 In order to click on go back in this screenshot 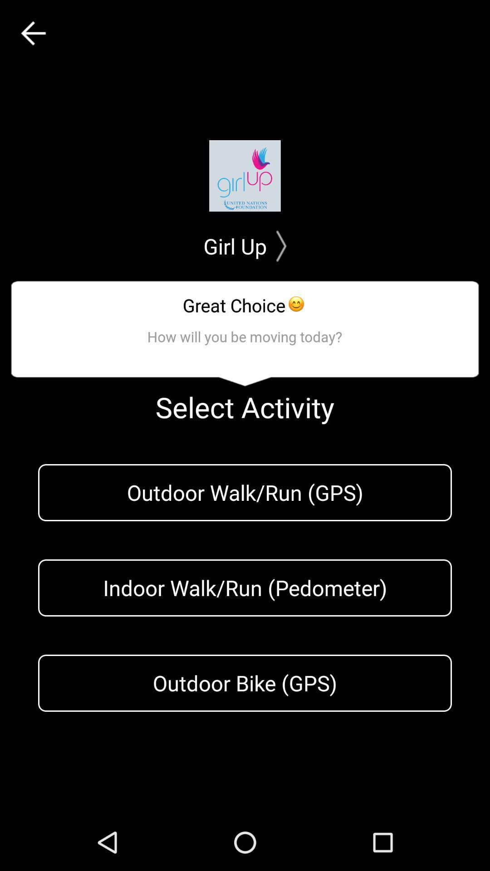, I will do `click(33, 33)`.